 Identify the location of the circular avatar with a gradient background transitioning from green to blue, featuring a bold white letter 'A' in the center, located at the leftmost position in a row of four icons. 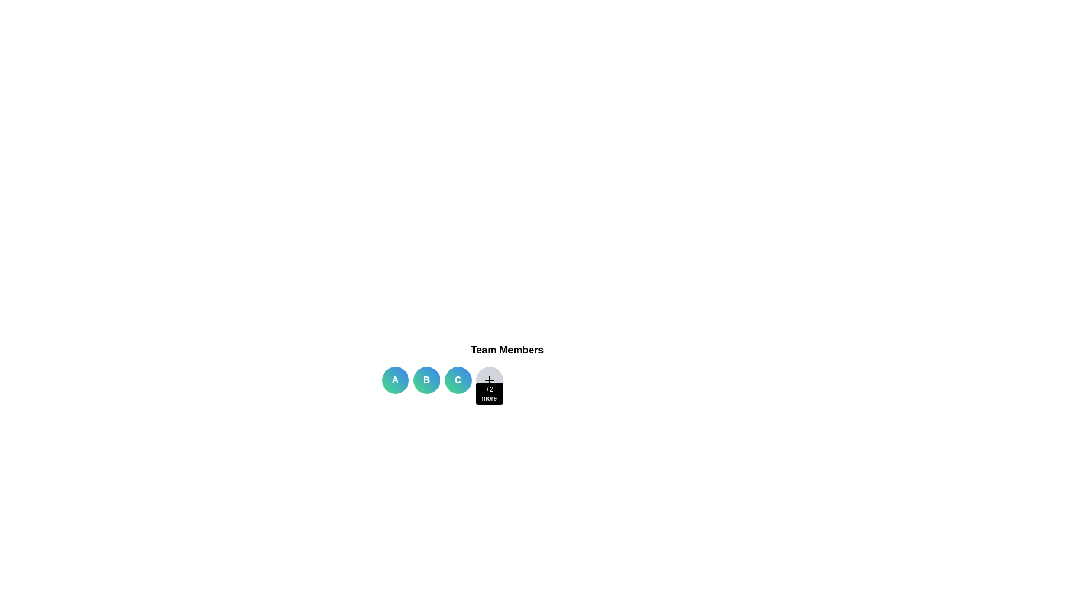
(395, 379).